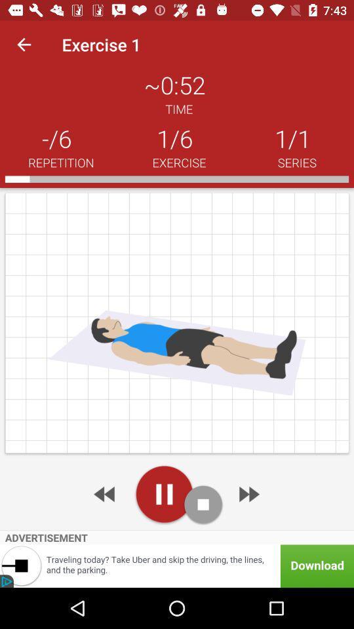 The image size is (354, 629). What do you see at coordinates (105, 493) in the screenshot?
I see `come back` at bounding box center [105, 493].